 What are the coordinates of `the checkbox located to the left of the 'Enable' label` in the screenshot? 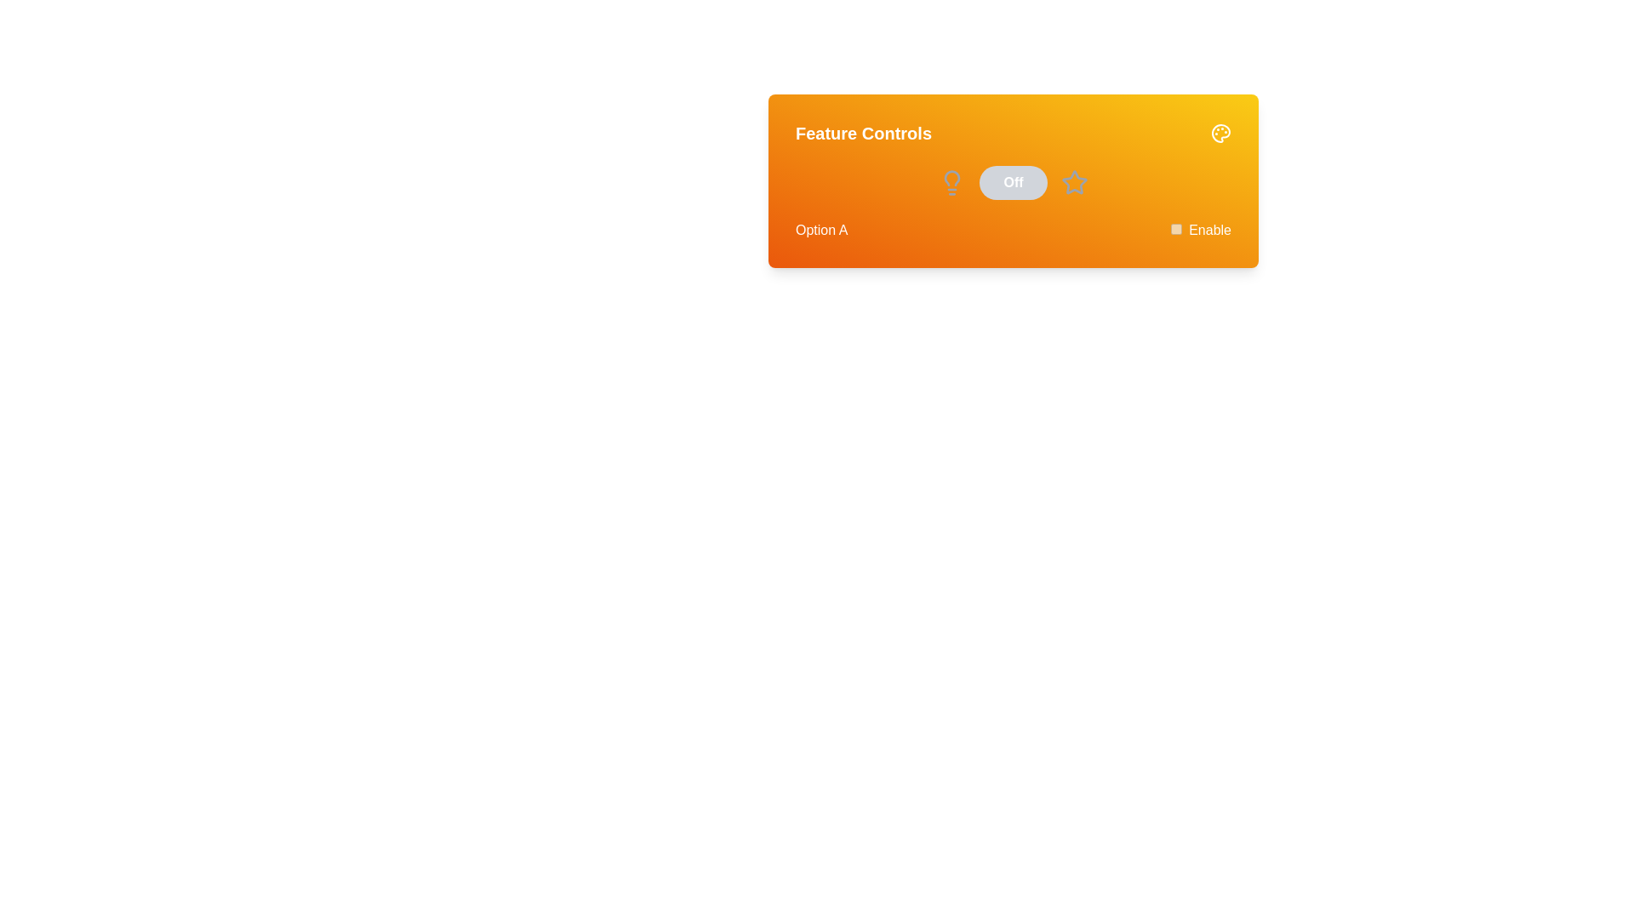 It's located at (1175, 228).